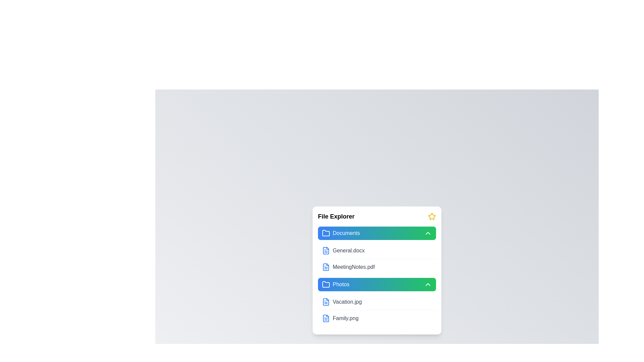 The height and width of the screenshot is (362, 644). I want to click on the file MeetingNotes.pdf to select it, so click(326, 267).